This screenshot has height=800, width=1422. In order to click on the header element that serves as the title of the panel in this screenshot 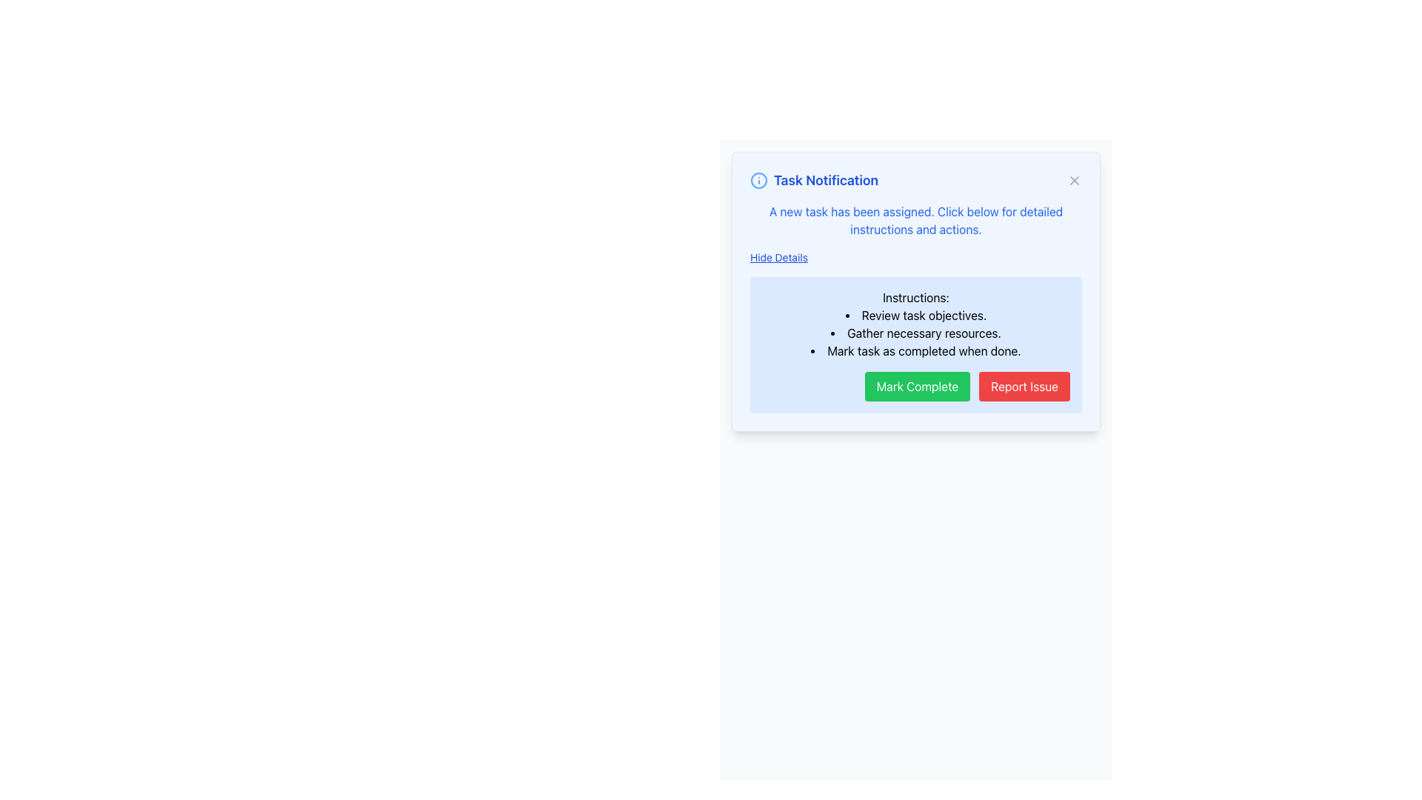, I will do `click(813, 179)`.